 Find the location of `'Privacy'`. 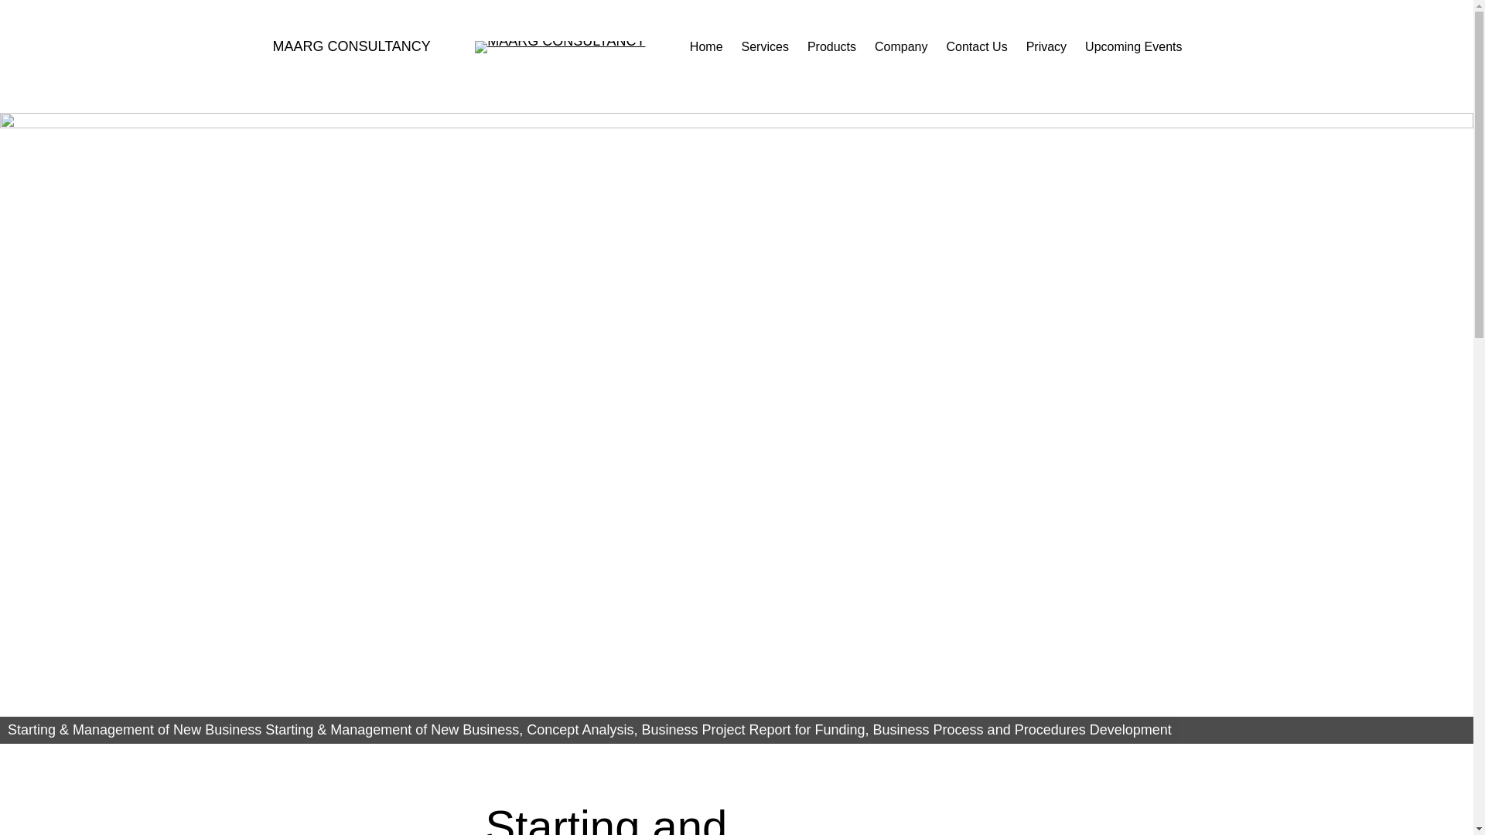

'Privacy' is located at coordinates (1046, 46).